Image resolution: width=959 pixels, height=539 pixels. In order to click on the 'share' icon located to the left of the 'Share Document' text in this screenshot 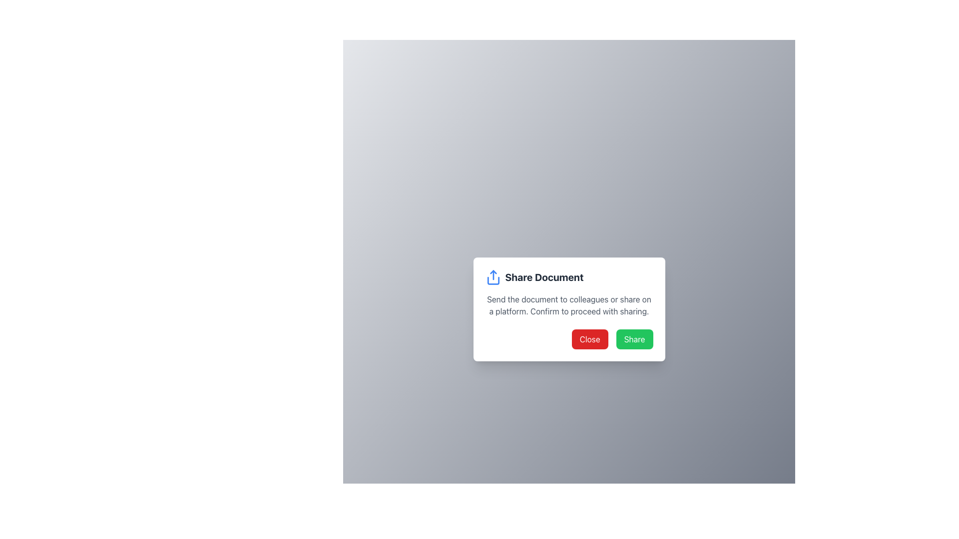, I will do `click(493, 277)`.